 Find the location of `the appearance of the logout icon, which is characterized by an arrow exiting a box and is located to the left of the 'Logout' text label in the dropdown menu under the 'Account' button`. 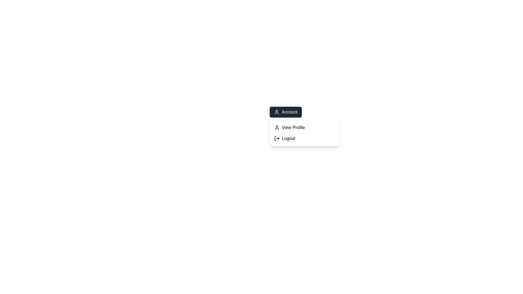

the appearance of the logout icon, which is characterized by an arrow exiting a box and is located to the left of the 'Logout' text label in the dropdown menu under the 'Account' button is located at coordinates (277, 138).